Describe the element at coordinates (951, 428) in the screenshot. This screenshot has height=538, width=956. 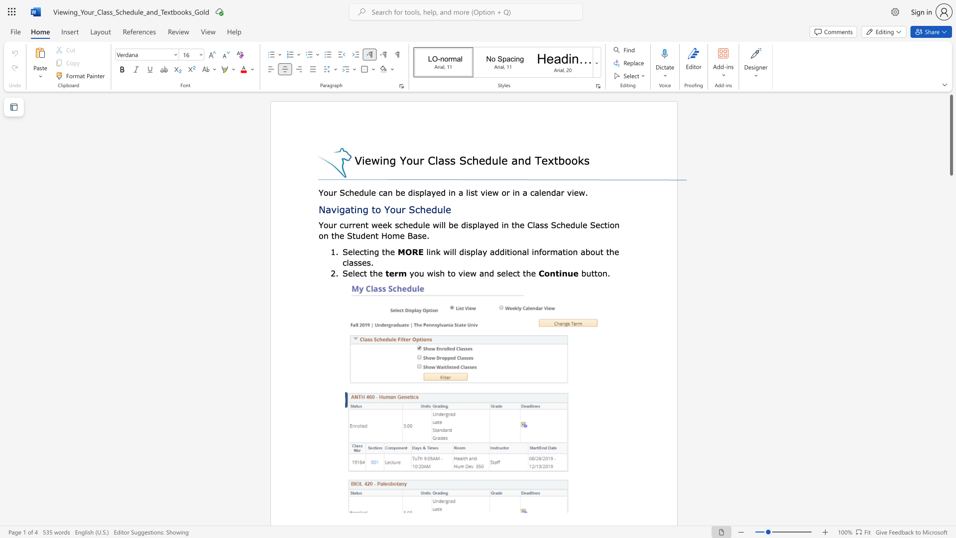
I see `the right-hand scrollbar to descend the page` at that location.